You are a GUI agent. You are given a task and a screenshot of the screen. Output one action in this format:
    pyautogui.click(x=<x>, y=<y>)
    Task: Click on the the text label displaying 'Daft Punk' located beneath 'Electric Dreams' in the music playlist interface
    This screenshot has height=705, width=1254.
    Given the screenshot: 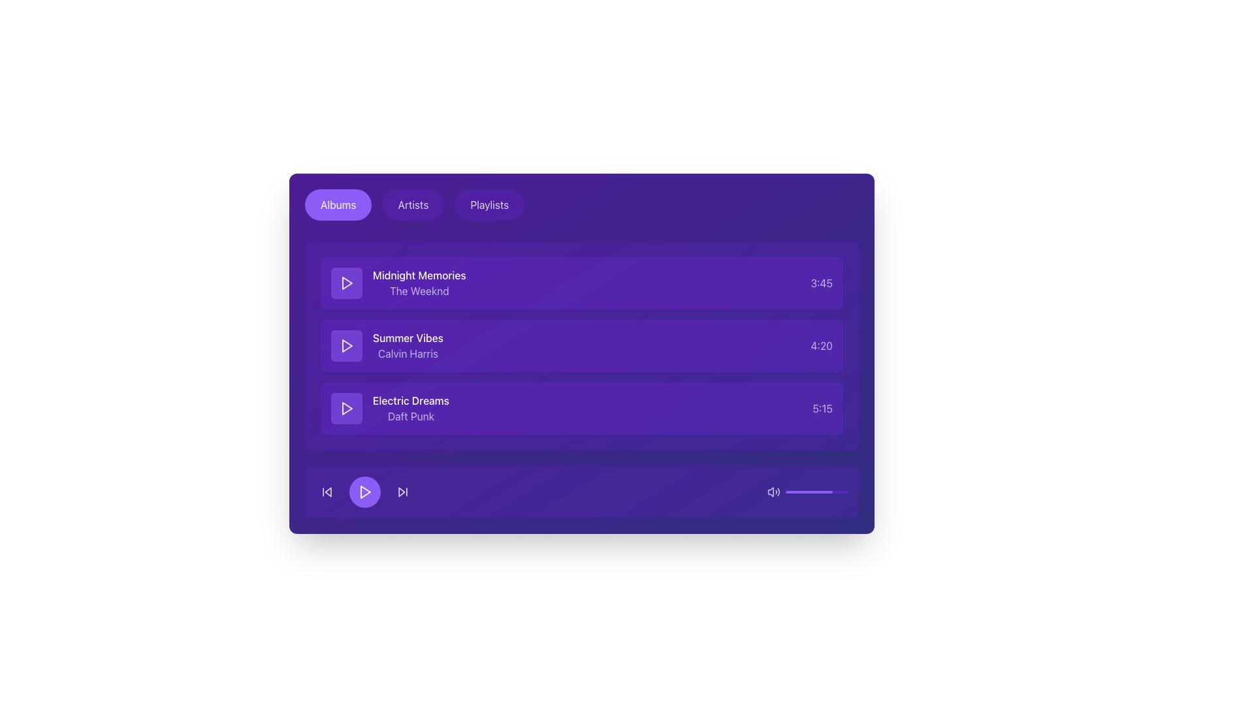 What is the action you would take?
    pyautogui.click(x=410, y=416)
    